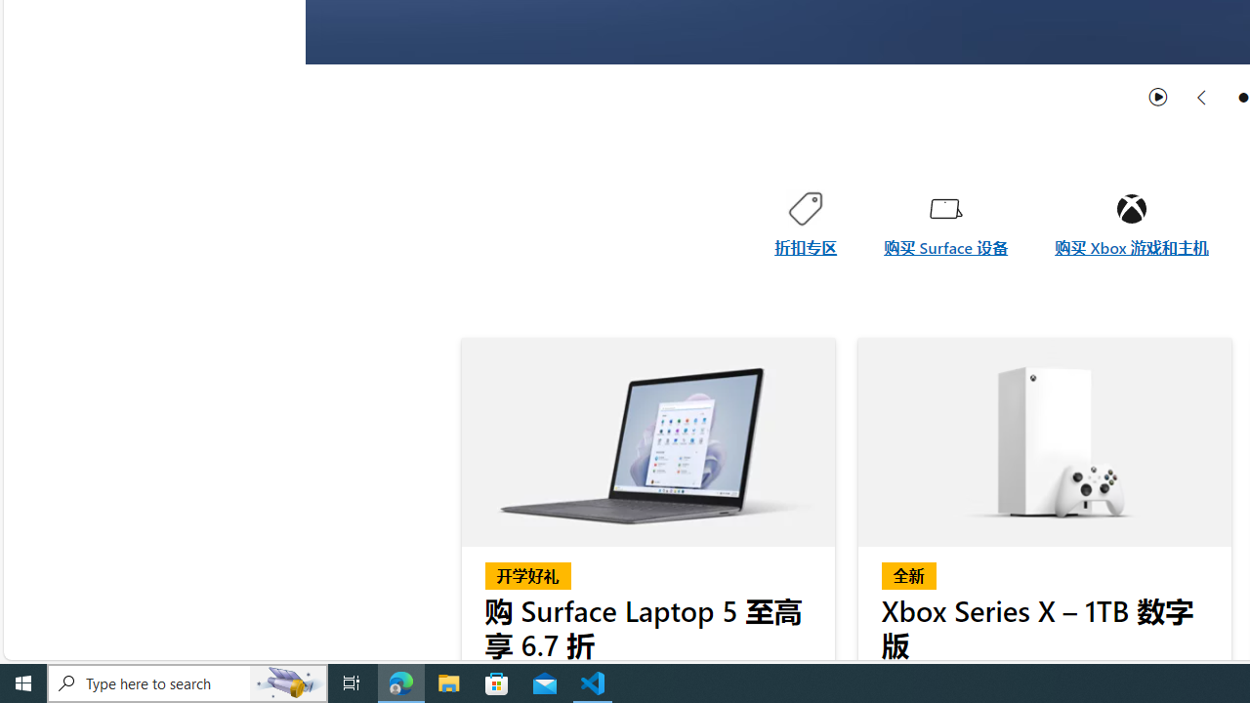 The width and height of the screenshot is (1250, 703). I want to click on 'Pause', so click(1158, 97).